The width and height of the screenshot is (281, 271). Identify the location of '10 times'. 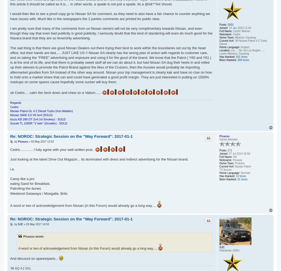
(240, 175).